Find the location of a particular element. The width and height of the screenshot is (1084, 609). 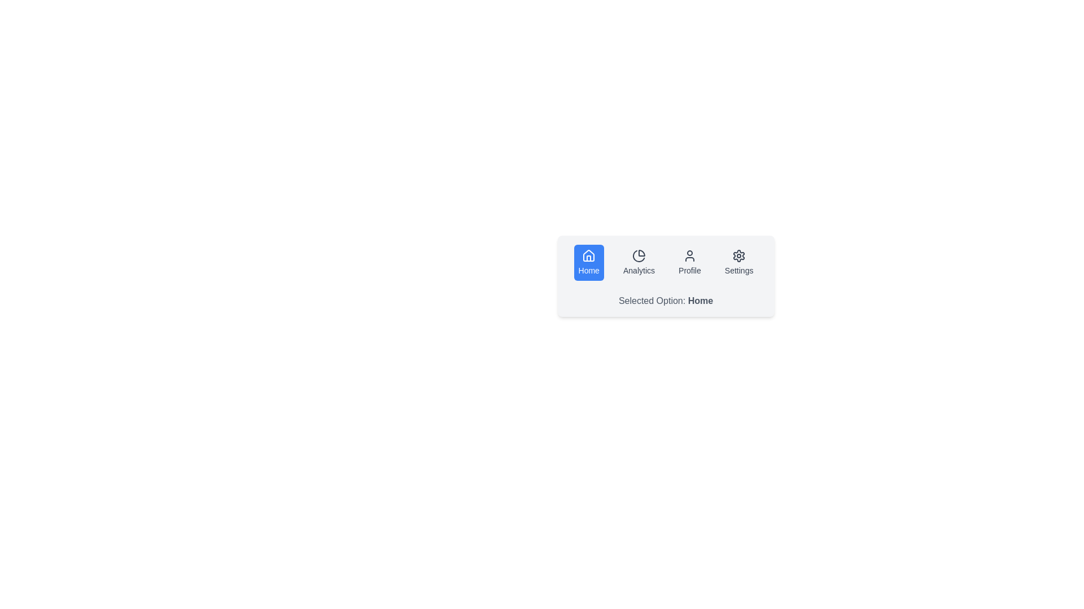

the 'Profile' button, which has a circular user icon and is the third item in the navigation bar is located at coordinates (689, 263).